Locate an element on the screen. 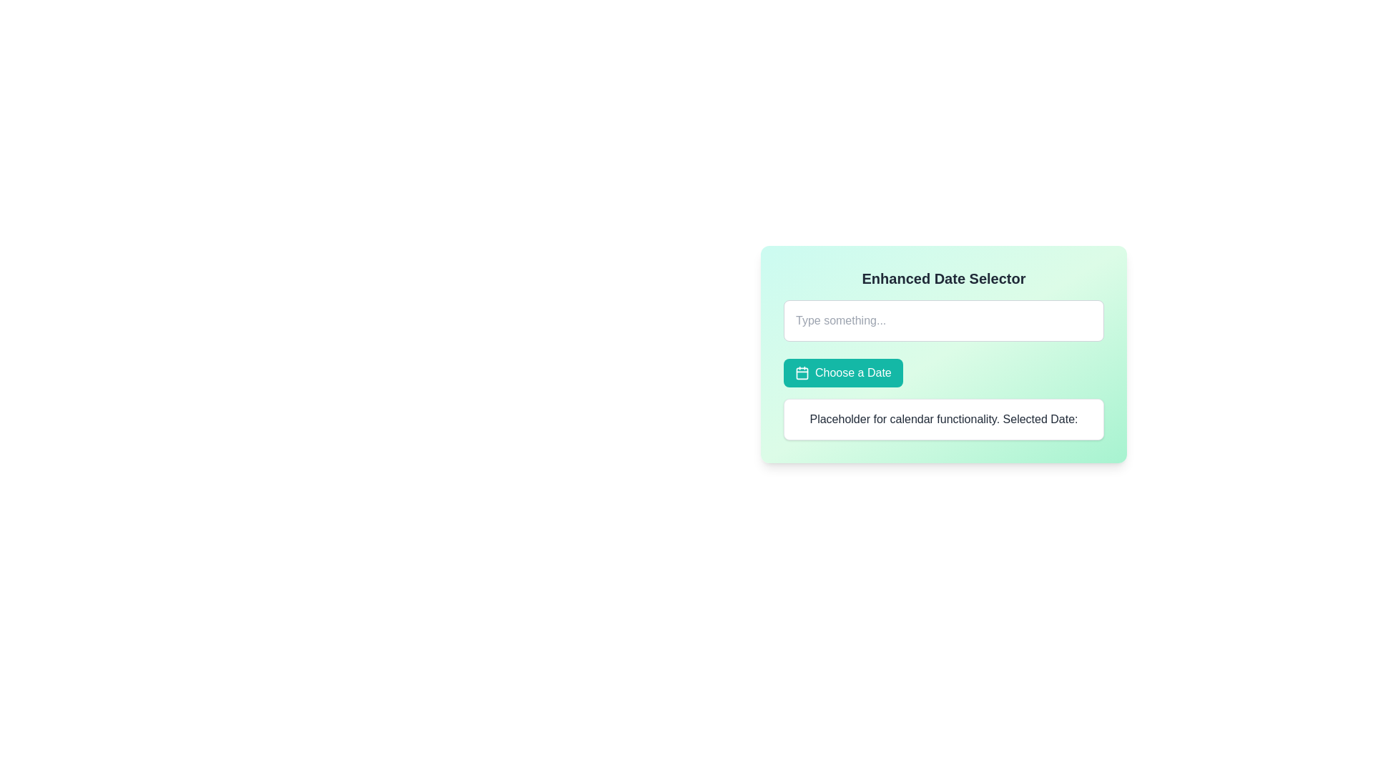  the date selection button located under the 'Enhanced Date Selector' heading to interact is located at coordinates (843, 372).